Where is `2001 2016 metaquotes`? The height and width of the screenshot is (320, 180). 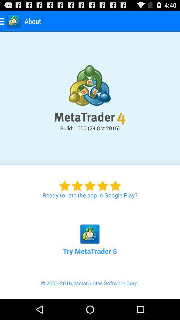
2001 2016 metaquotes is located at coordinates (90, 289).